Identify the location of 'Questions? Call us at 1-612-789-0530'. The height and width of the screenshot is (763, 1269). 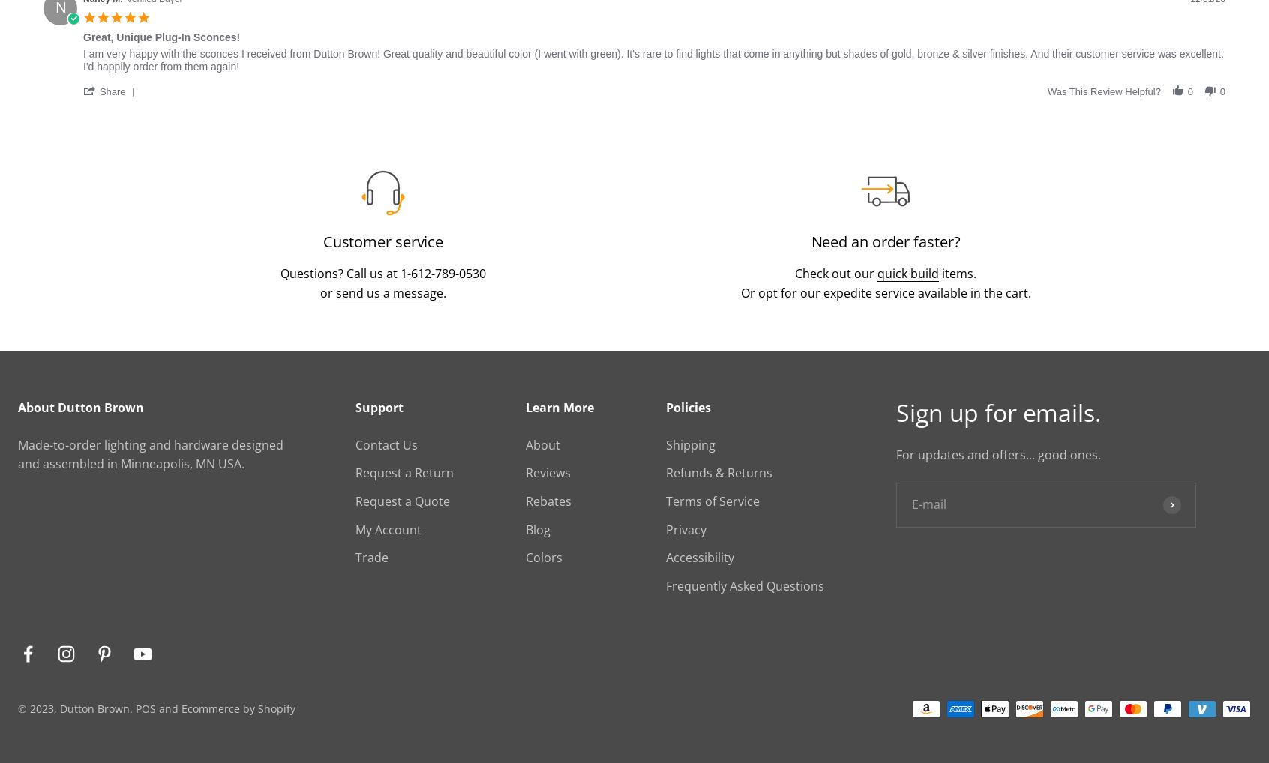
(382, 273).